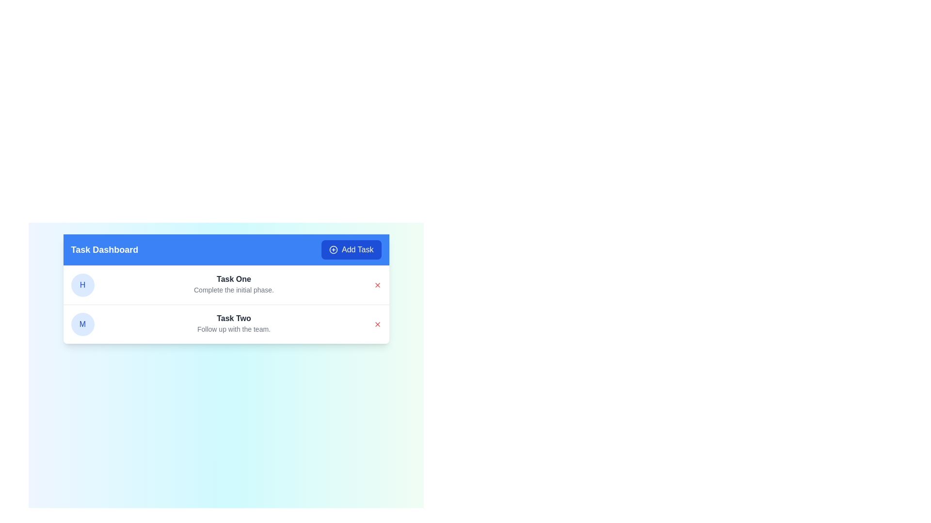 Image resolution: width=931 pixels, height=523 pixels. Describe the element at coordinates (377, 285) in the screenshot. I see `the close button icon located to the right of the 'Task One' label to observe its hover-state styling` at that location.